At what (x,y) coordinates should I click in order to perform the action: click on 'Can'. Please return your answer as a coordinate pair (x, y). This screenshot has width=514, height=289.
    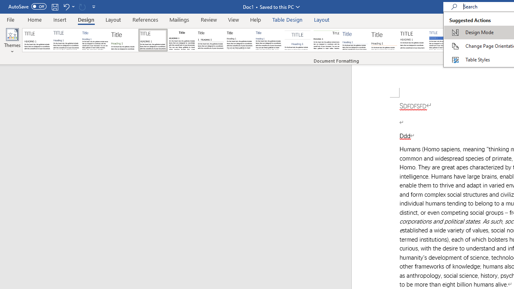
    Looking at the image, I should click on (82, 6).